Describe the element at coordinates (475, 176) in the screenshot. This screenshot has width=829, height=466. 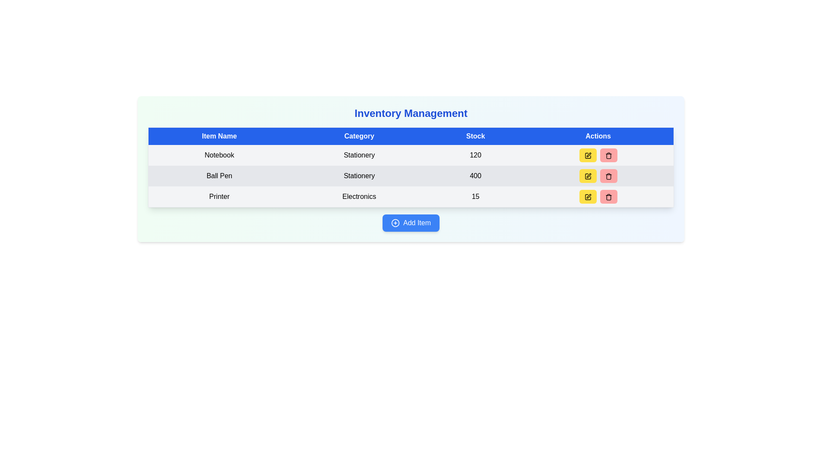
I see `the Text Display element that shows the inventory quantity of 'Ball Pen', indicating 400 units in stock, located in the Stock column of the Ball Pen row in the table` at that location.